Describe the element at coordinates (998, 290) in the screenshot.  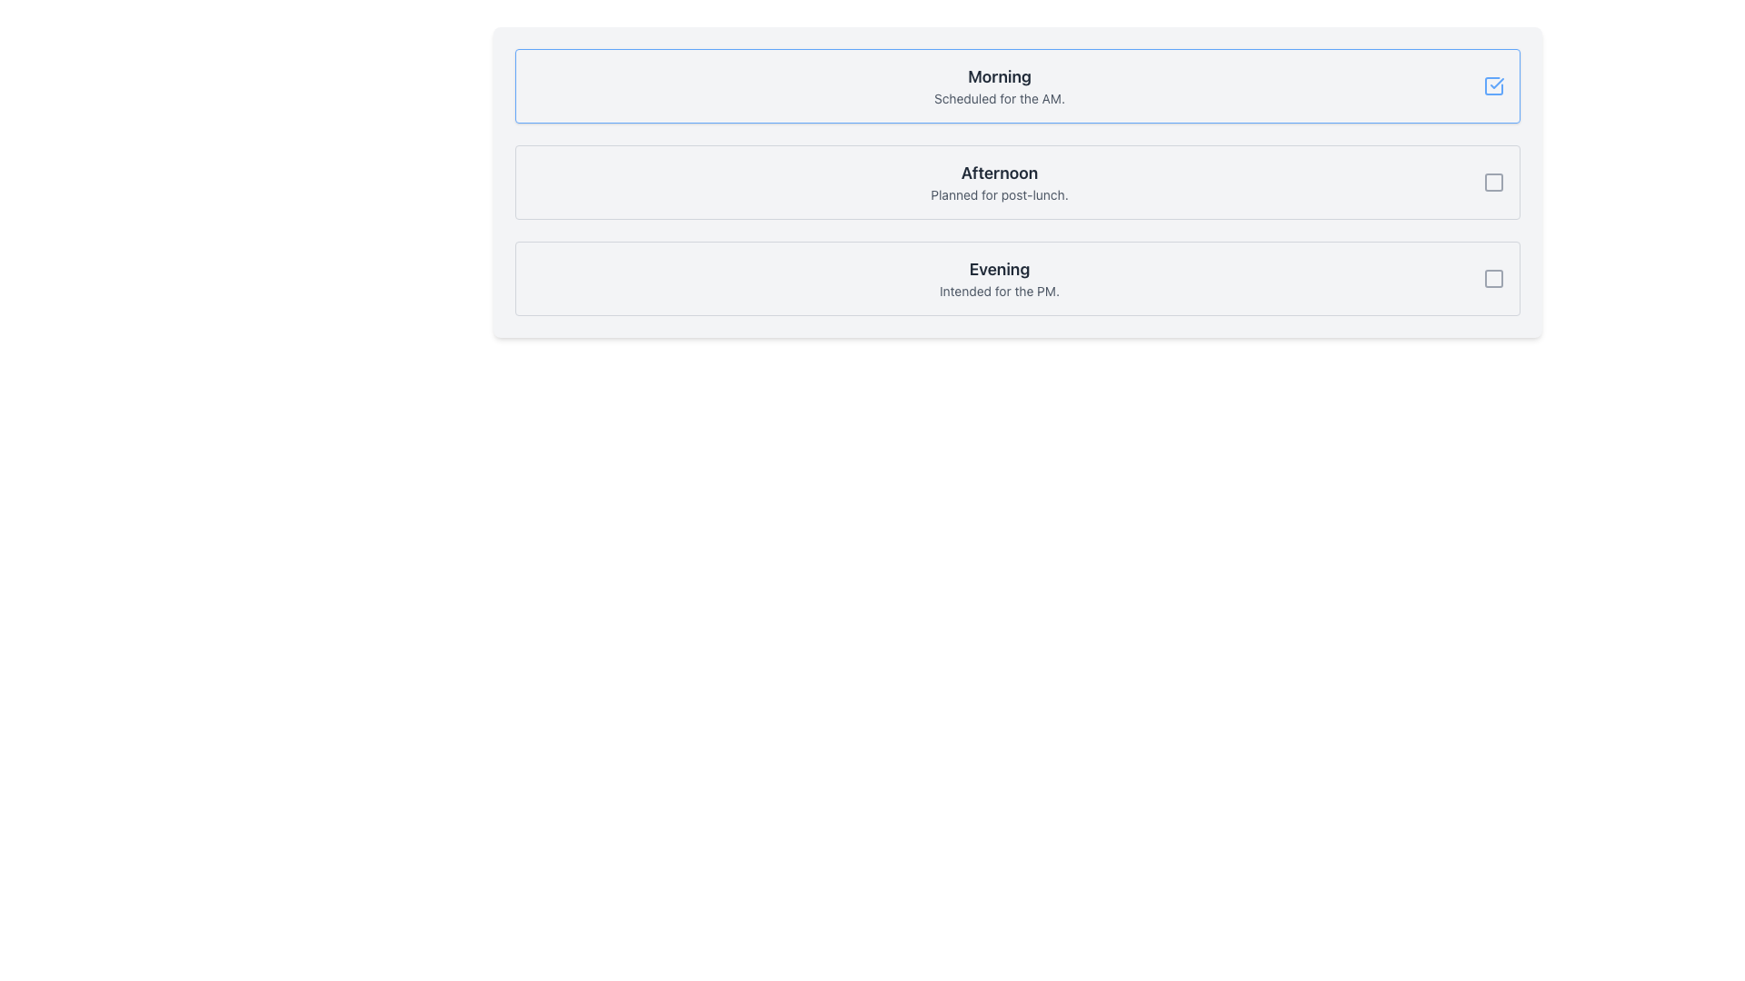
I see `the text label that serves as a description for the 'Evening' item in the list, located below the 'Evening' heading` at that location.